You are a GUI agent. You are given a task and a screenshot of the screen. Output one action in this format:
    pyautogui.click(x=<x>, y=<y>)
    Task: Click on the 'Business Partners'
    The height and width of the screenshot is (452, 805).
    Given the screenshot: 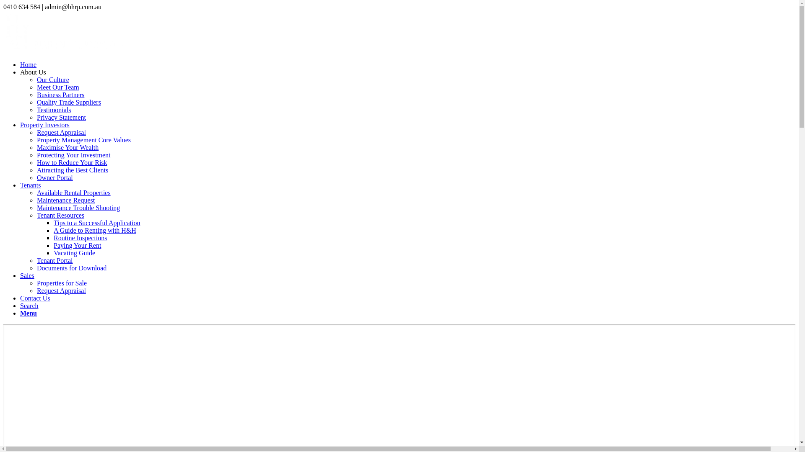 What is the action you would take?
    pyautogui.click(x=60, y=94)
    